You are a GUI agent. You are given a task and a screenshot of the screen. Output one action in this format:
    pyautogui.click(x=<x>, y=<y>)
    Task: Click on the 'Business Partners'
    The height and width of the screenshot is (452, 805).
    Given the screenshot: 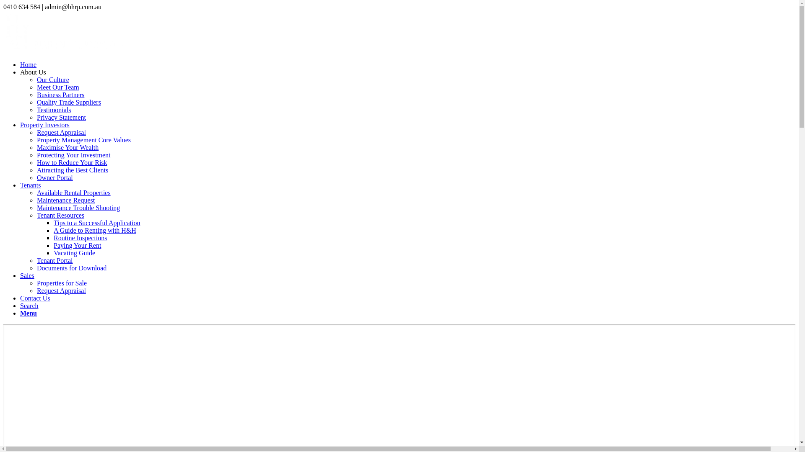 What is the action you would take?
    pyautogui.click(x=60, y=94)
    